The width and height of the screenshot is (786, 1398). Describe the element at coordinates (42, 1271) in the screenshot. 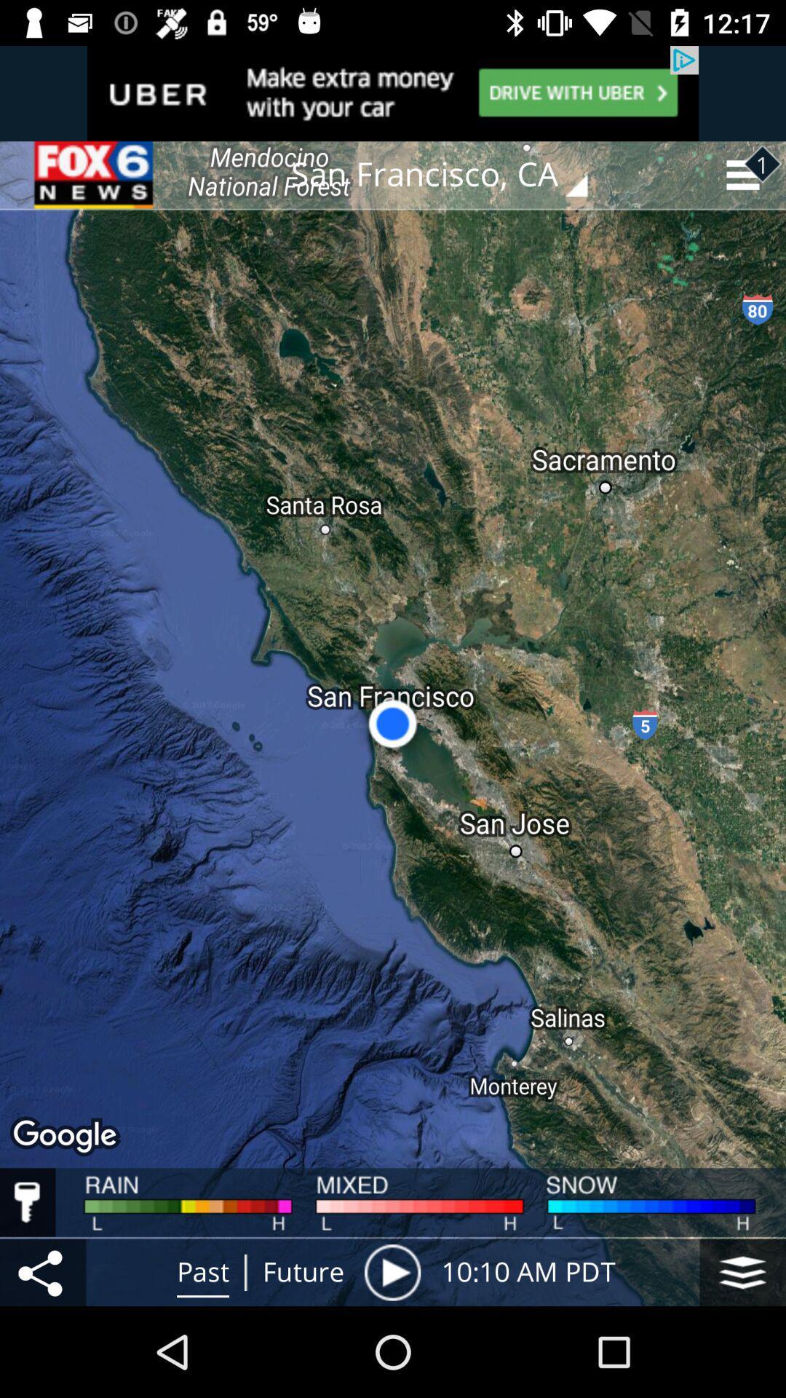

I see `the icon next to past icon` at that location.